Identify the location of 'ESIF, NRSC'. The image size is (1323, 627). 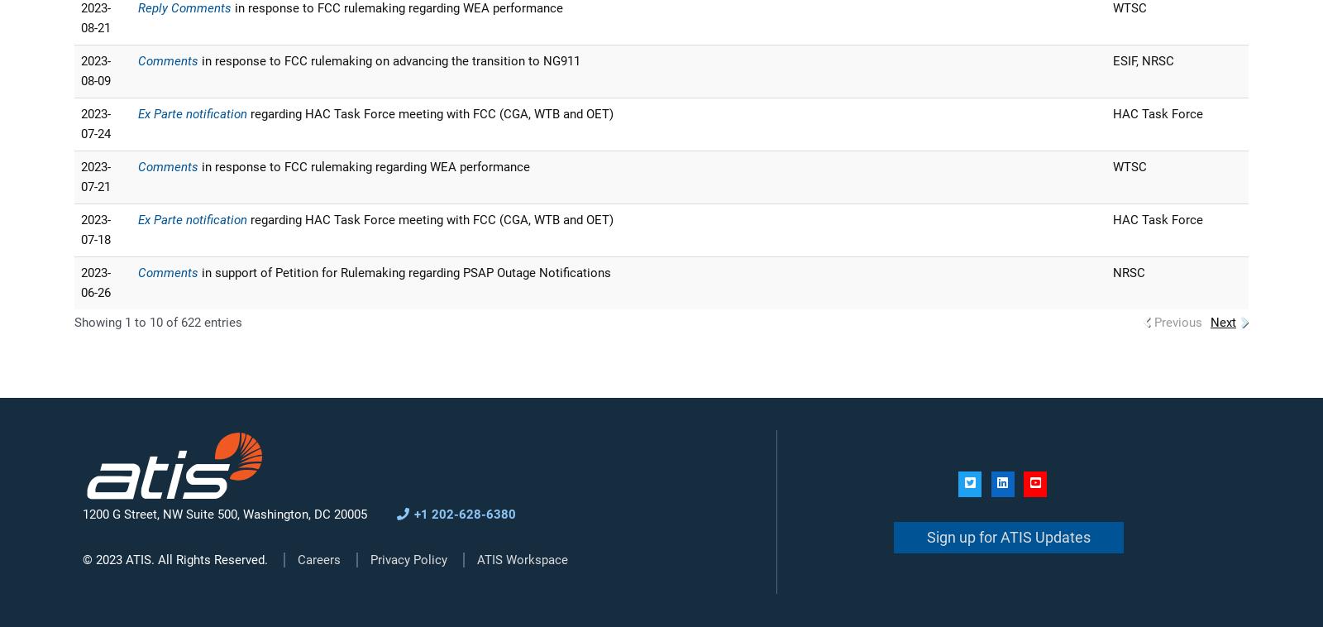
(1112, 60).